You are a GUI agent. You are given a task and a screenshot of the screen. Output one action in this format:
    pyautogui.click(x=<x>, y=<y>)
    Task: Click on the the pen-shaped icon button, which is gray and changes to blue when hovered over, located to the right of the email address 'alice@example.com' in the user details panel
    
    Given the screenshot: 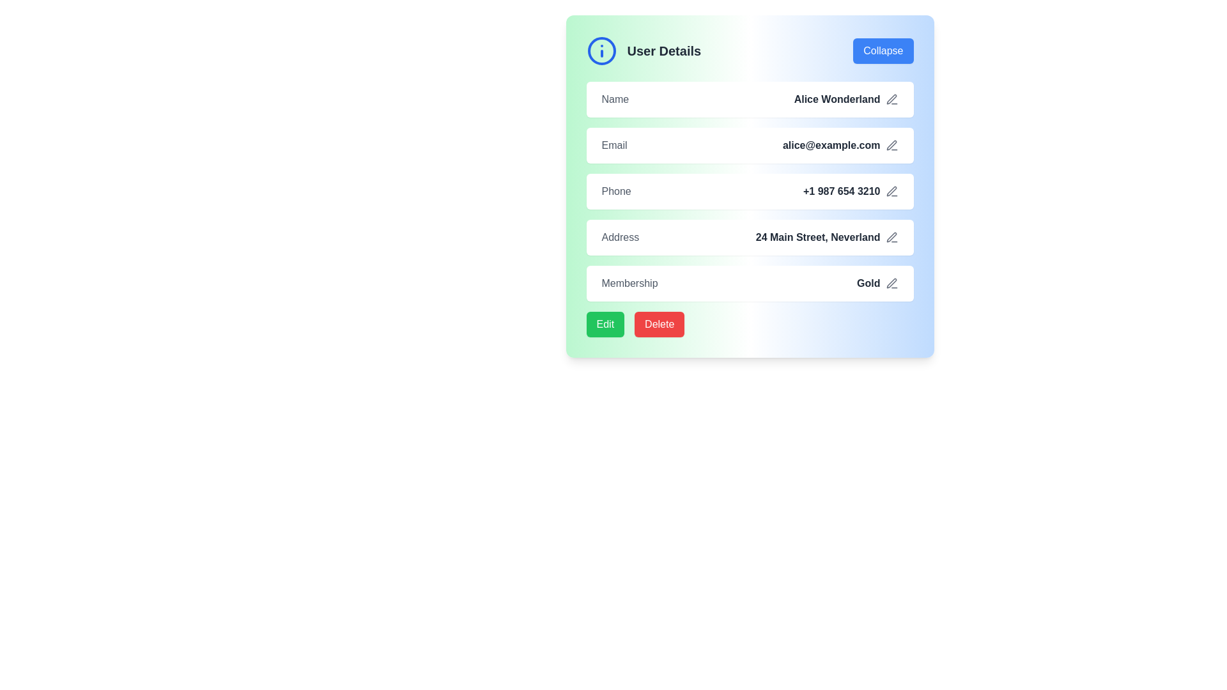 What is the action you would take?
    pyautogui.click(x=891, y=144)
    